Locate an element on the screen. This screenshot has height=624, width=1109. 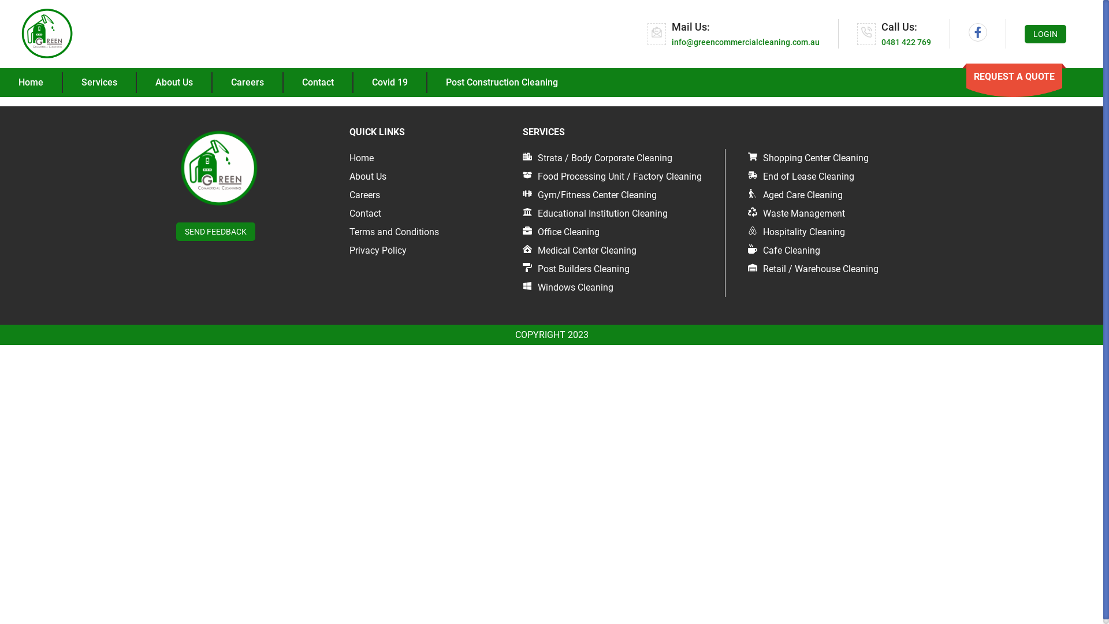
'Waste Management' is located at coordinates (748, 213).